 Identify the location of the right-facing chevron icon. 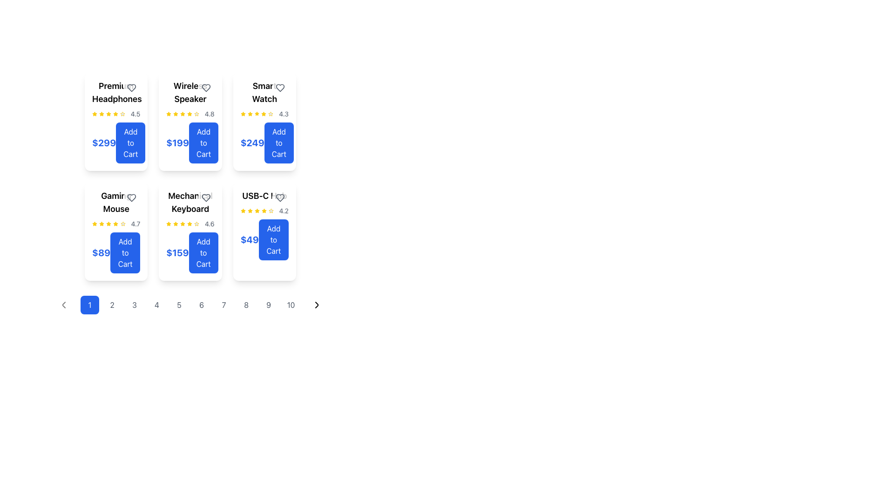
(317, 305).